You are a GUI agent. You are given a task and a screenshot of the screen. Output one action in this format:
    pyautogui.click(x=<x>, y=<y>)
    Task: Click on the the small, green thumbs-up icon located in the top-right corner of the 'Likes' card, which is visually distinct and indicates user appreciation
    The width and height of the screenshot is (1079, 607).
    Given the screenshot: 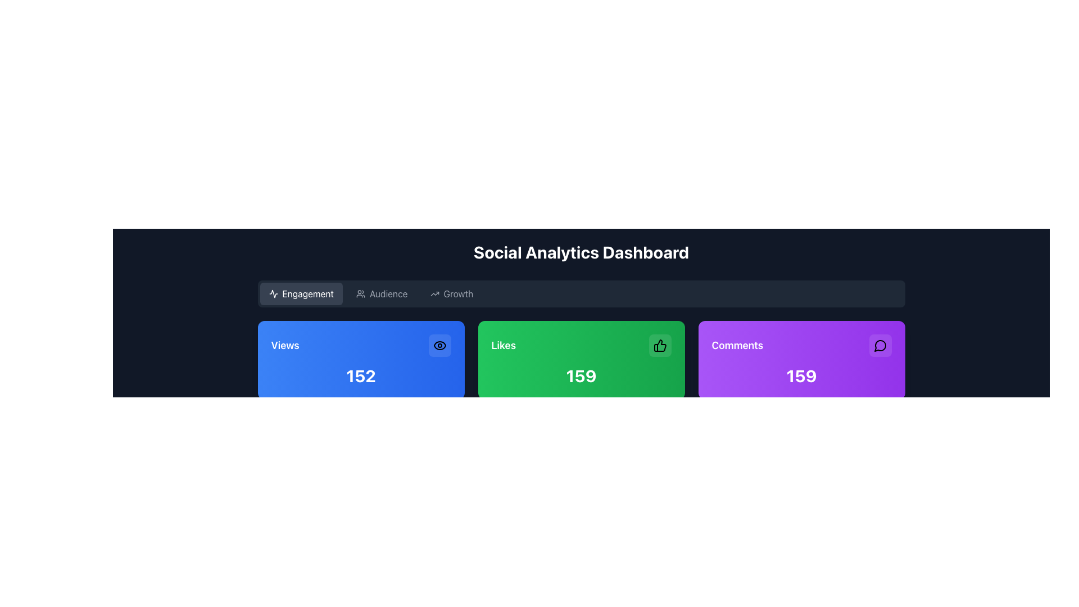 What is the action you would take?
    pyautogui.click(x=660, y=345)
    